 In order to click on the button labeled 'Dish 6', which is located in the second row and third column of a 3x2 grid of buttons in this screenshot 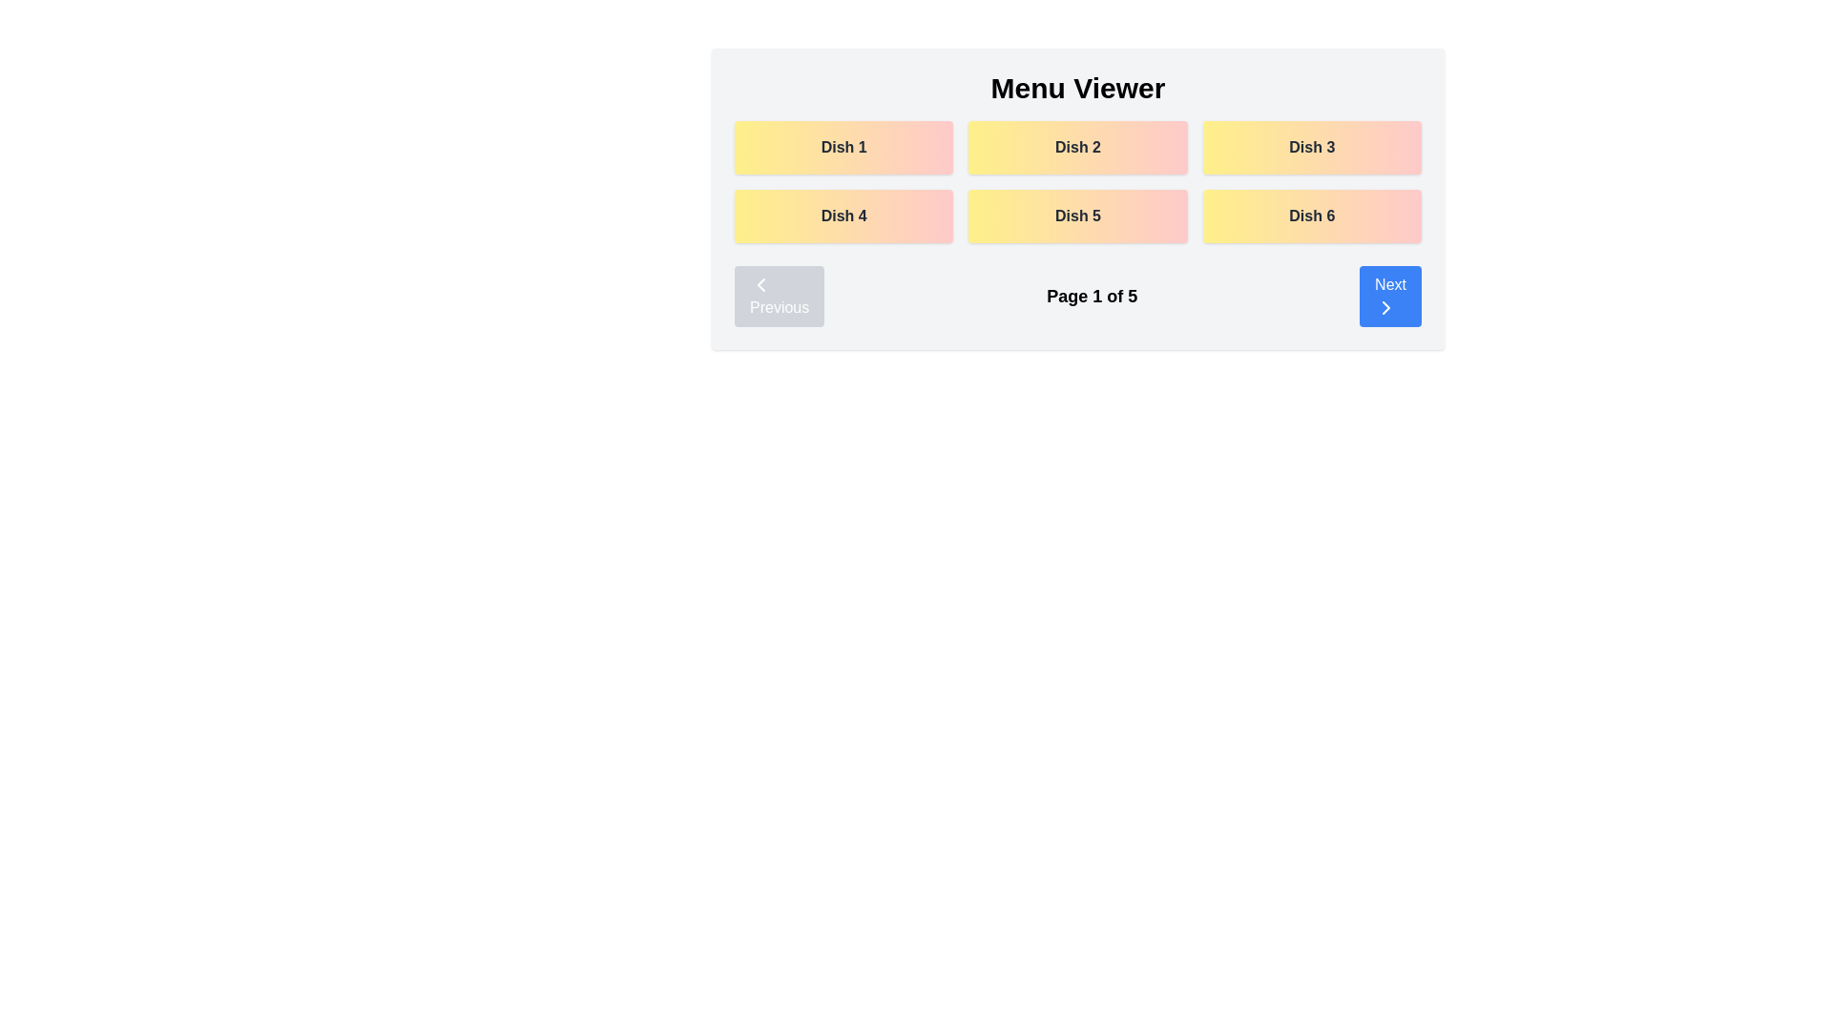, I will do `click(1311, 216)`.